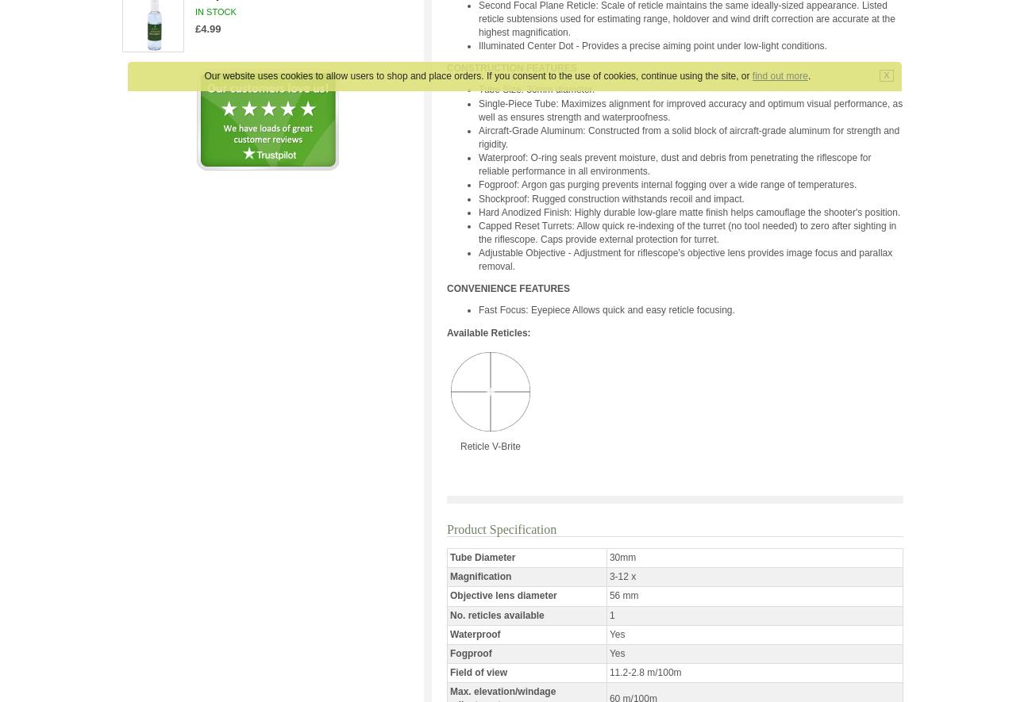 The image size is (1032, 702). What do you see at coordinates (478, 259) in the screenshot?
I see `'Adjustable Objective - Adjustment for riflescope's objective lens provides image focus and parallax removal.'` at bounding box center [478, 259].